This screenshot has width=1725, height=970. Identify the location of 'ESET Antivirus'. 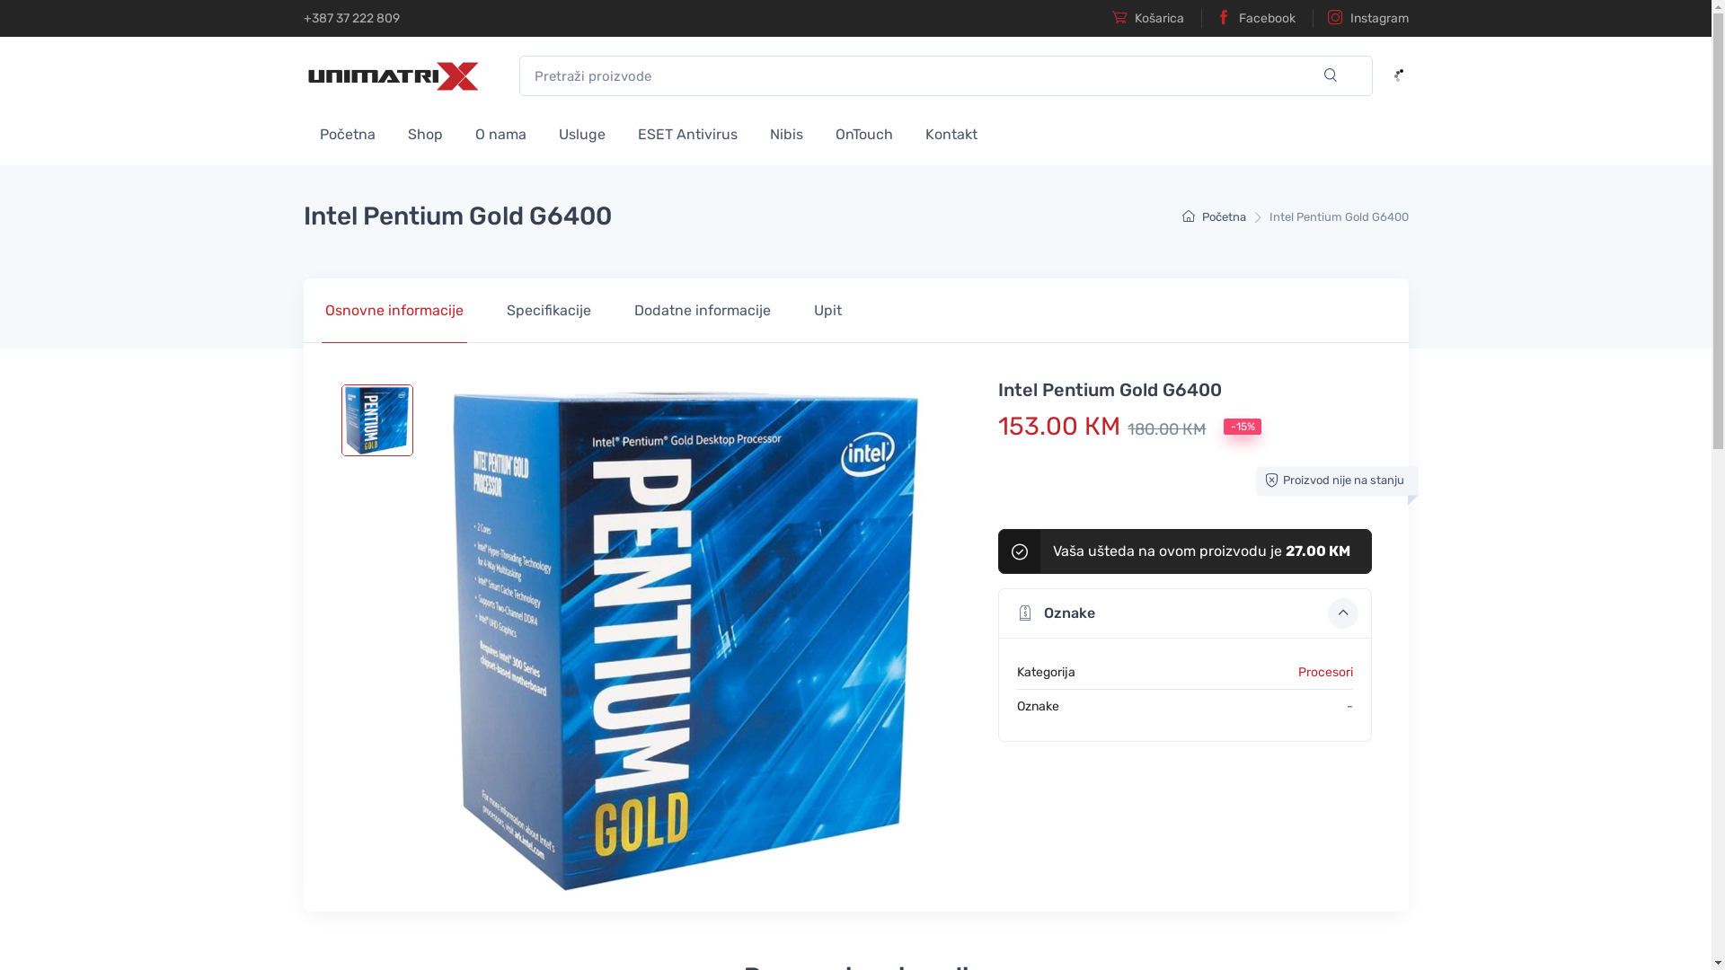
(686, 131).